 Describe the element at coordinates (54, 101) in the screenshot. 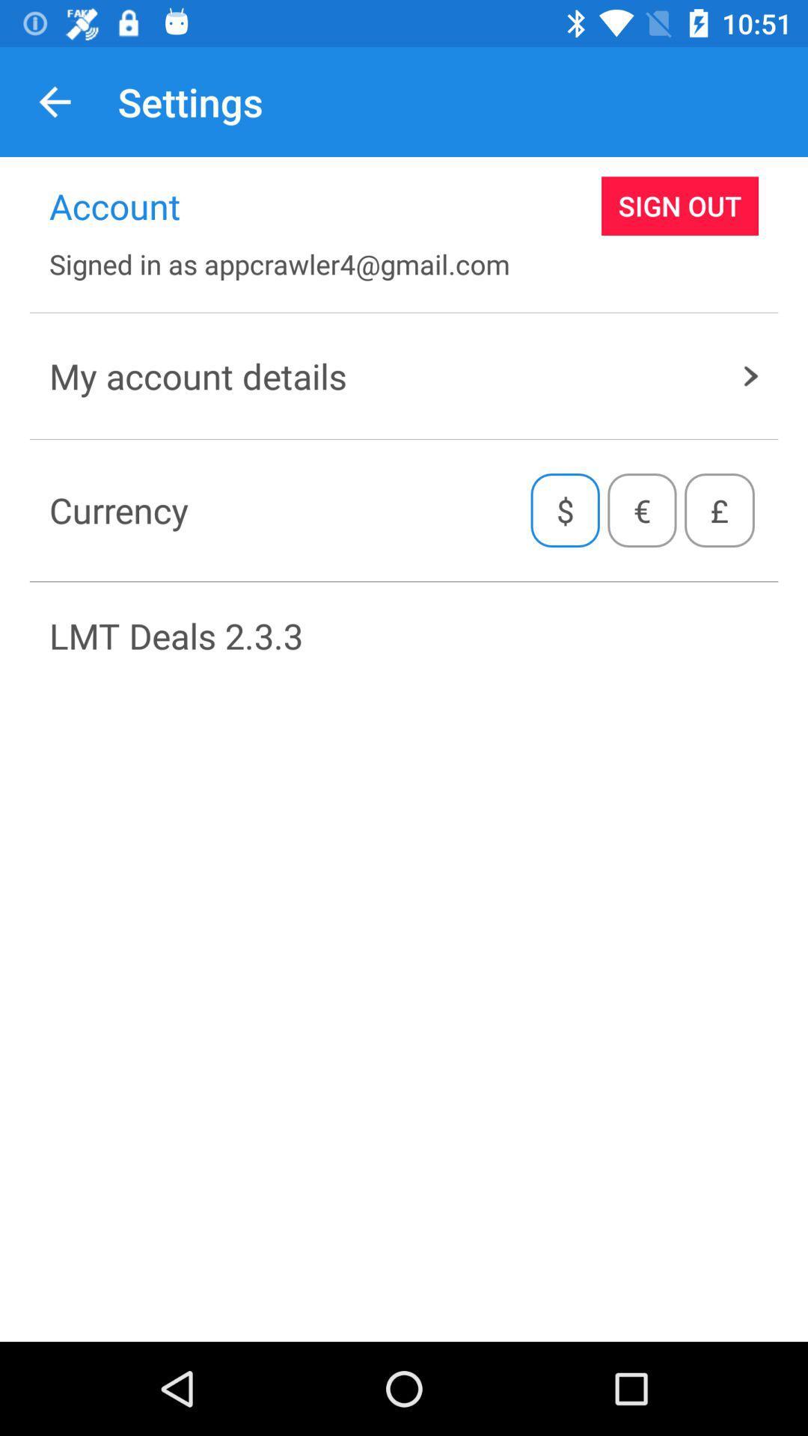

I see `the item to the left of settings app` at that location.